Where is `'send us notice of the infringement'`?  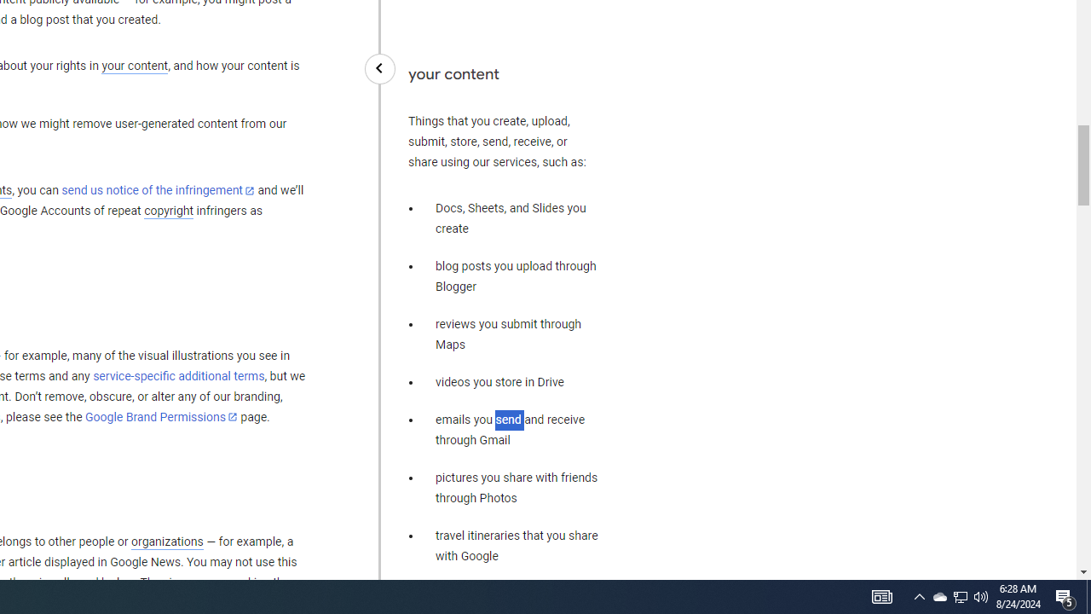
'send us notice of the infringement' is located at coordinates (158, 191).